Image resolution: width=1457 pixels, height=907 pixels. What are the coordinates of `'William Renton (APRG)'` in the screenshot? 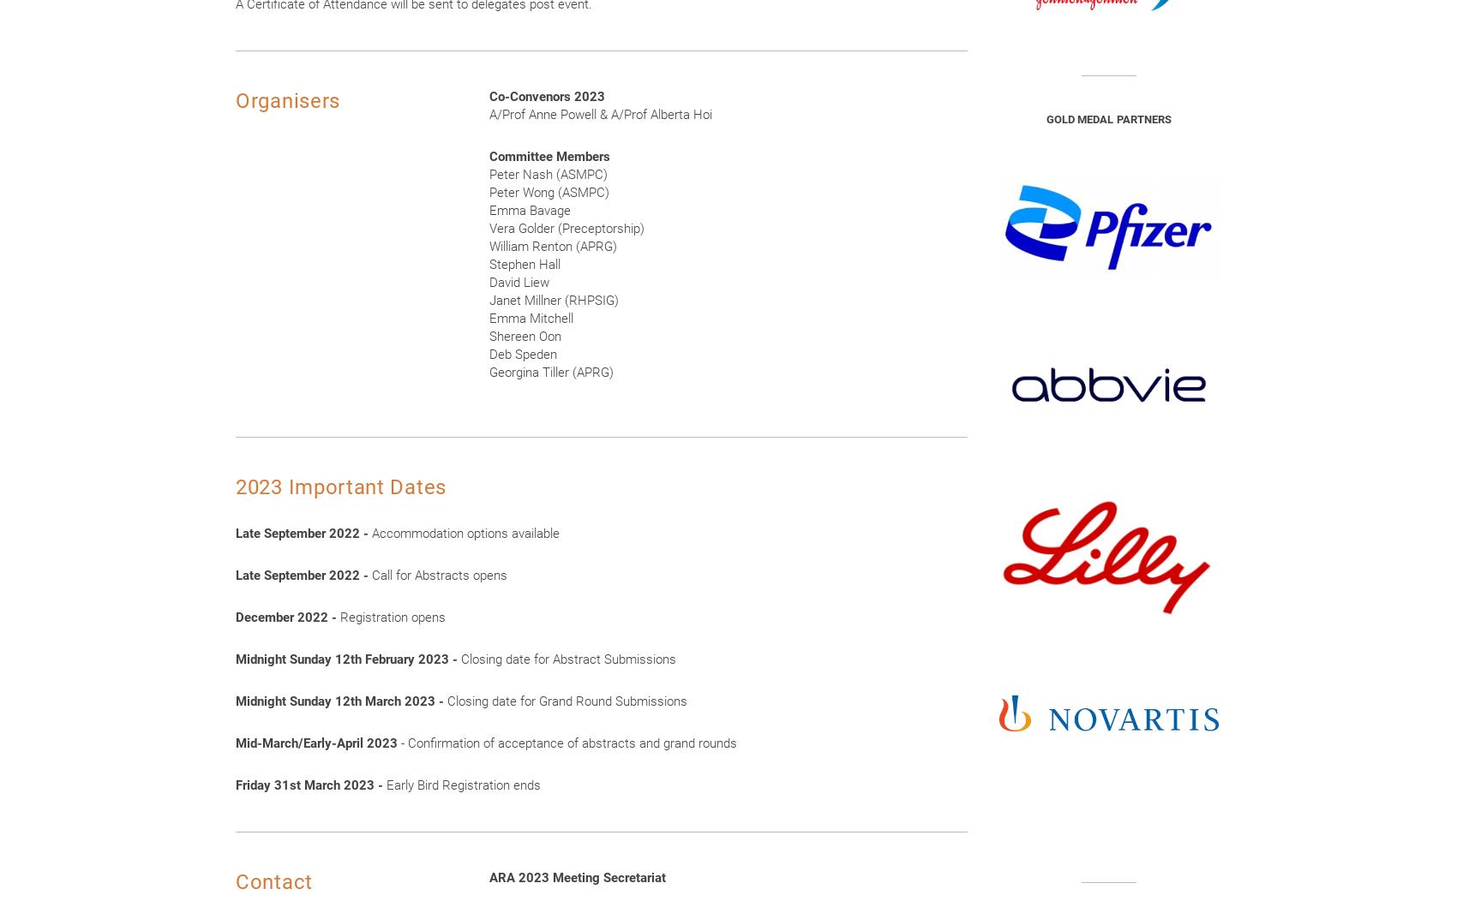 It's located at (488, 247).